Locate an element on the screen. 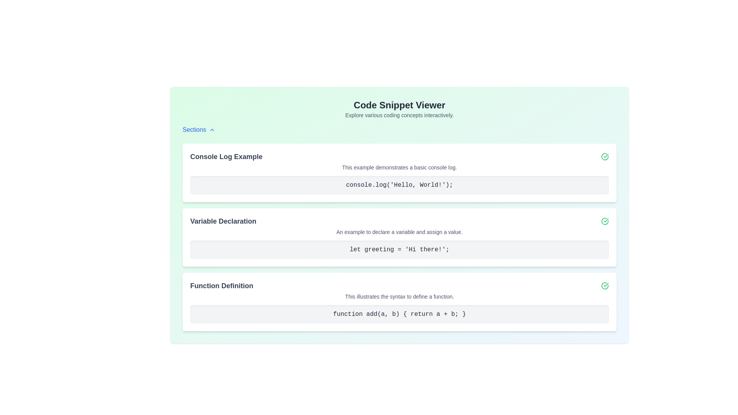 Image resolution: width=738 pixels, height=415 pixels. the Text Label that serves as a section header for 'Variable Declaration', located in the middle-left section below 'Console Log Example' and above 'Function Definition' is located at coordinates (223, 221).